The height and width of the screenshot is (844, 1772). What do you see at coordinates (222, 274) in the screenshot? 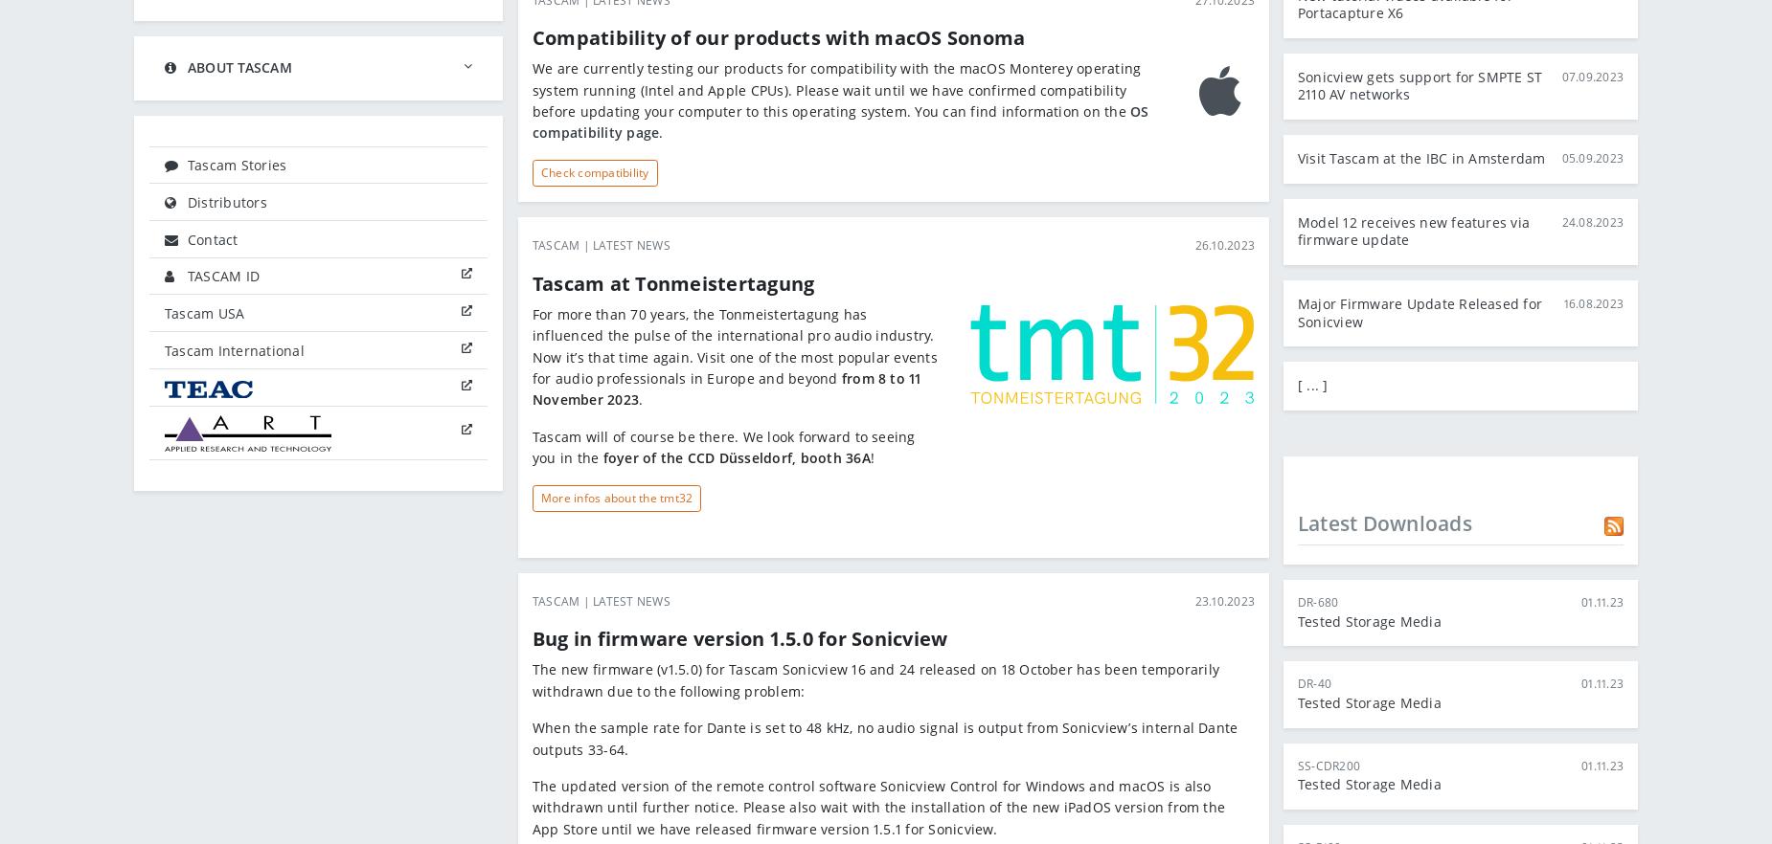
I see `'TASCAM ID'` at bounding box center [222, 274].